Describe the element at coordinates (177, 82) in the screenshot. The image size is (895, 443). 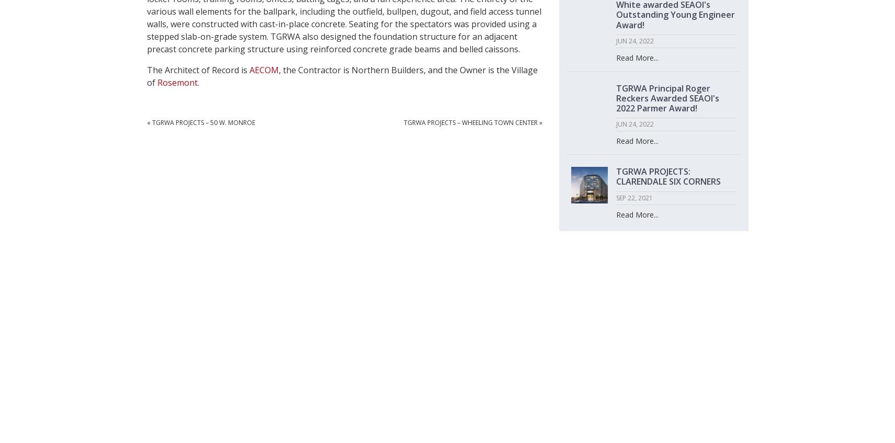
I see `'Rosemont'` at that location.